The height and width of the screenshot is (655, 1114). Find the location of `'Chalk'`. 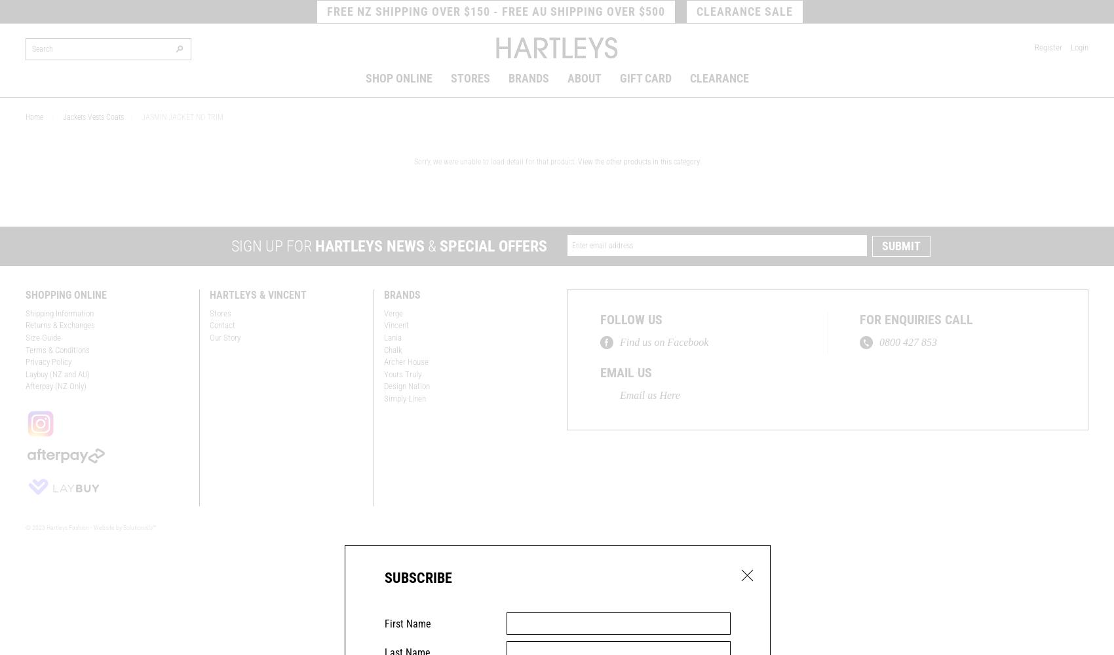

'Chalk' is located at coordinates (382, 349).